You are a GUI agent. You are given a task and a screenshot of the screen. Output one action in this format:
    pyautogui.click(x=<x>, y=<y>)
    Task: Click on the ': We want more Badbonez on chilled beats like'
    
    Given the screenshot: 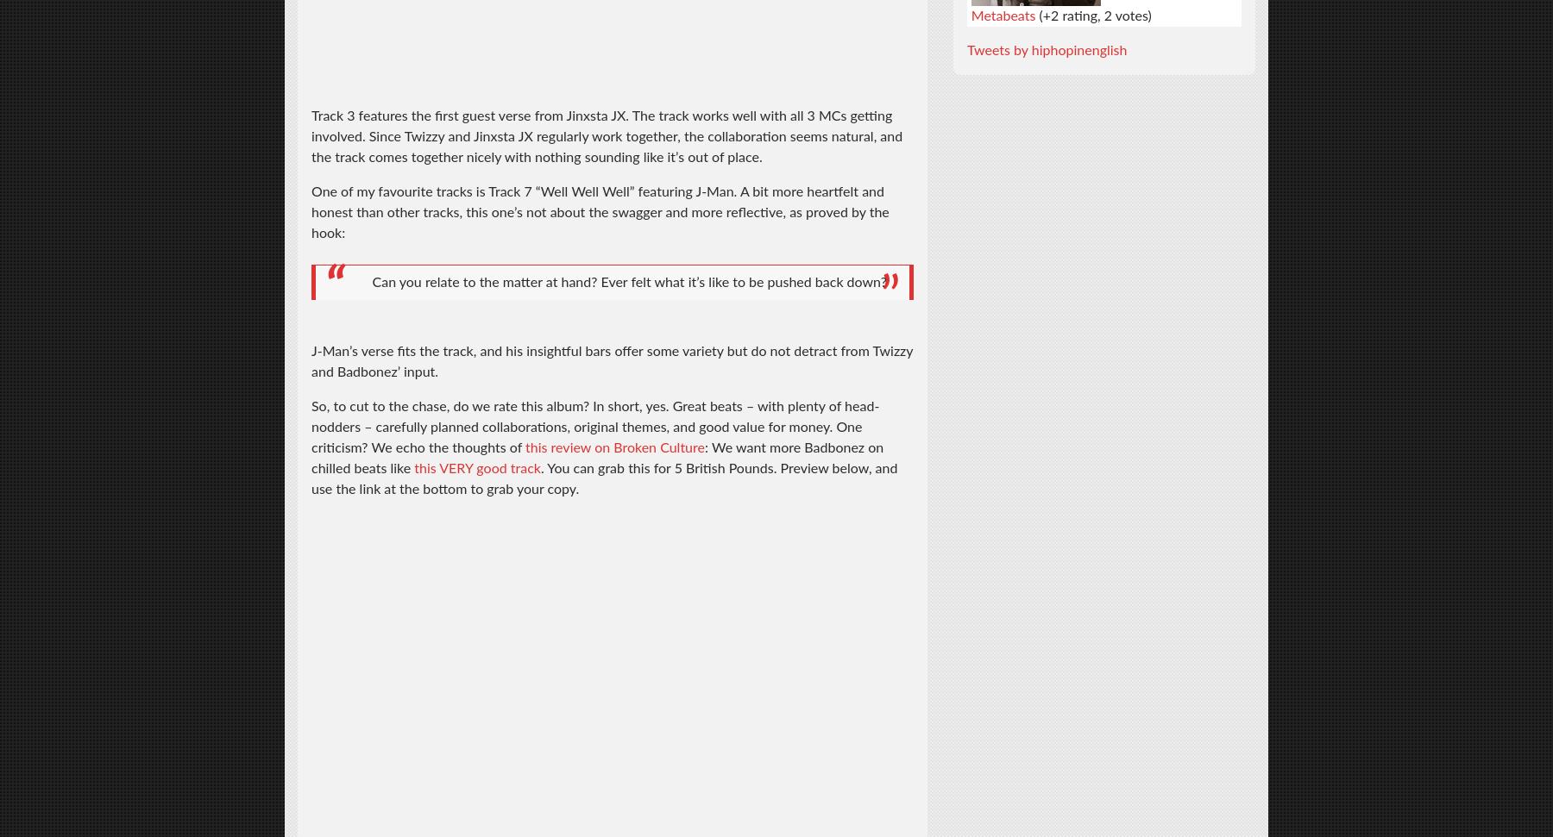 What is the action you would take?
    pyautogui.click(x=596, y=457)
    